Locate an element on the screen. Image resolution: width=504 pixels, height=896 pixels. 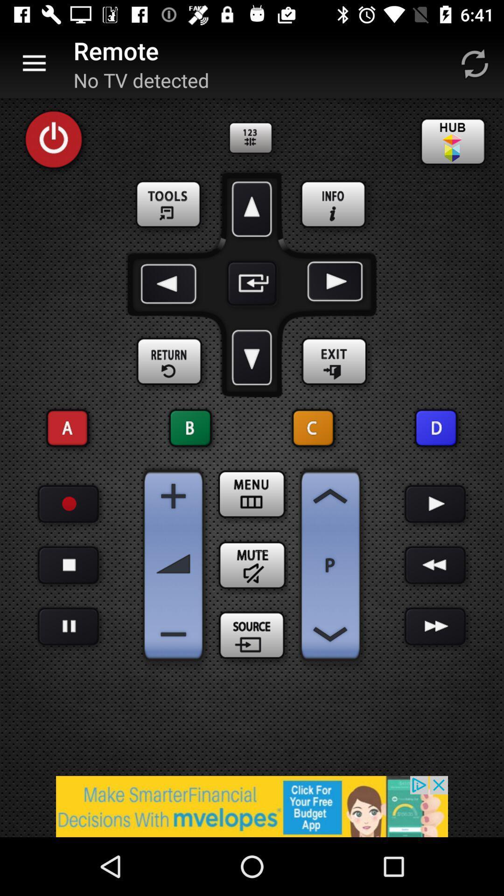
the skip_previous icon is located at coordinates (313, 427).